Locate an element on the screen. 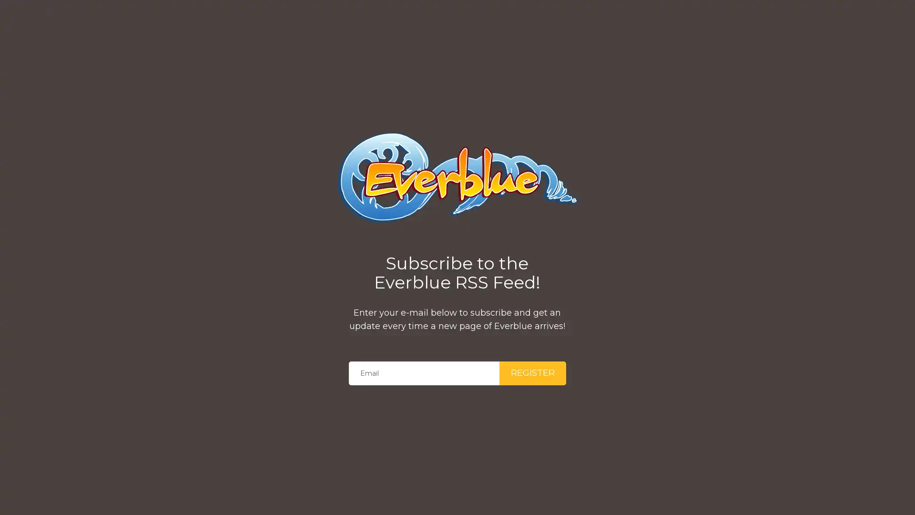 The image size is (915, 515). REGISTER is located at coordinates (532, 373).